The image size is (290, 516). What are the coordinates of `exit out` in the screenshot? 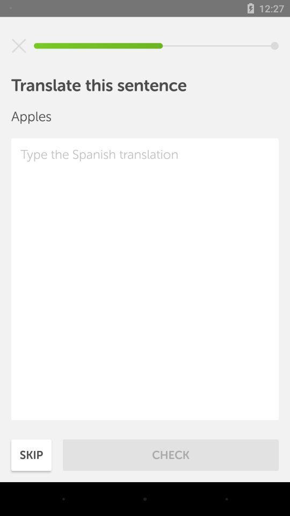 It's located at (19, 46).